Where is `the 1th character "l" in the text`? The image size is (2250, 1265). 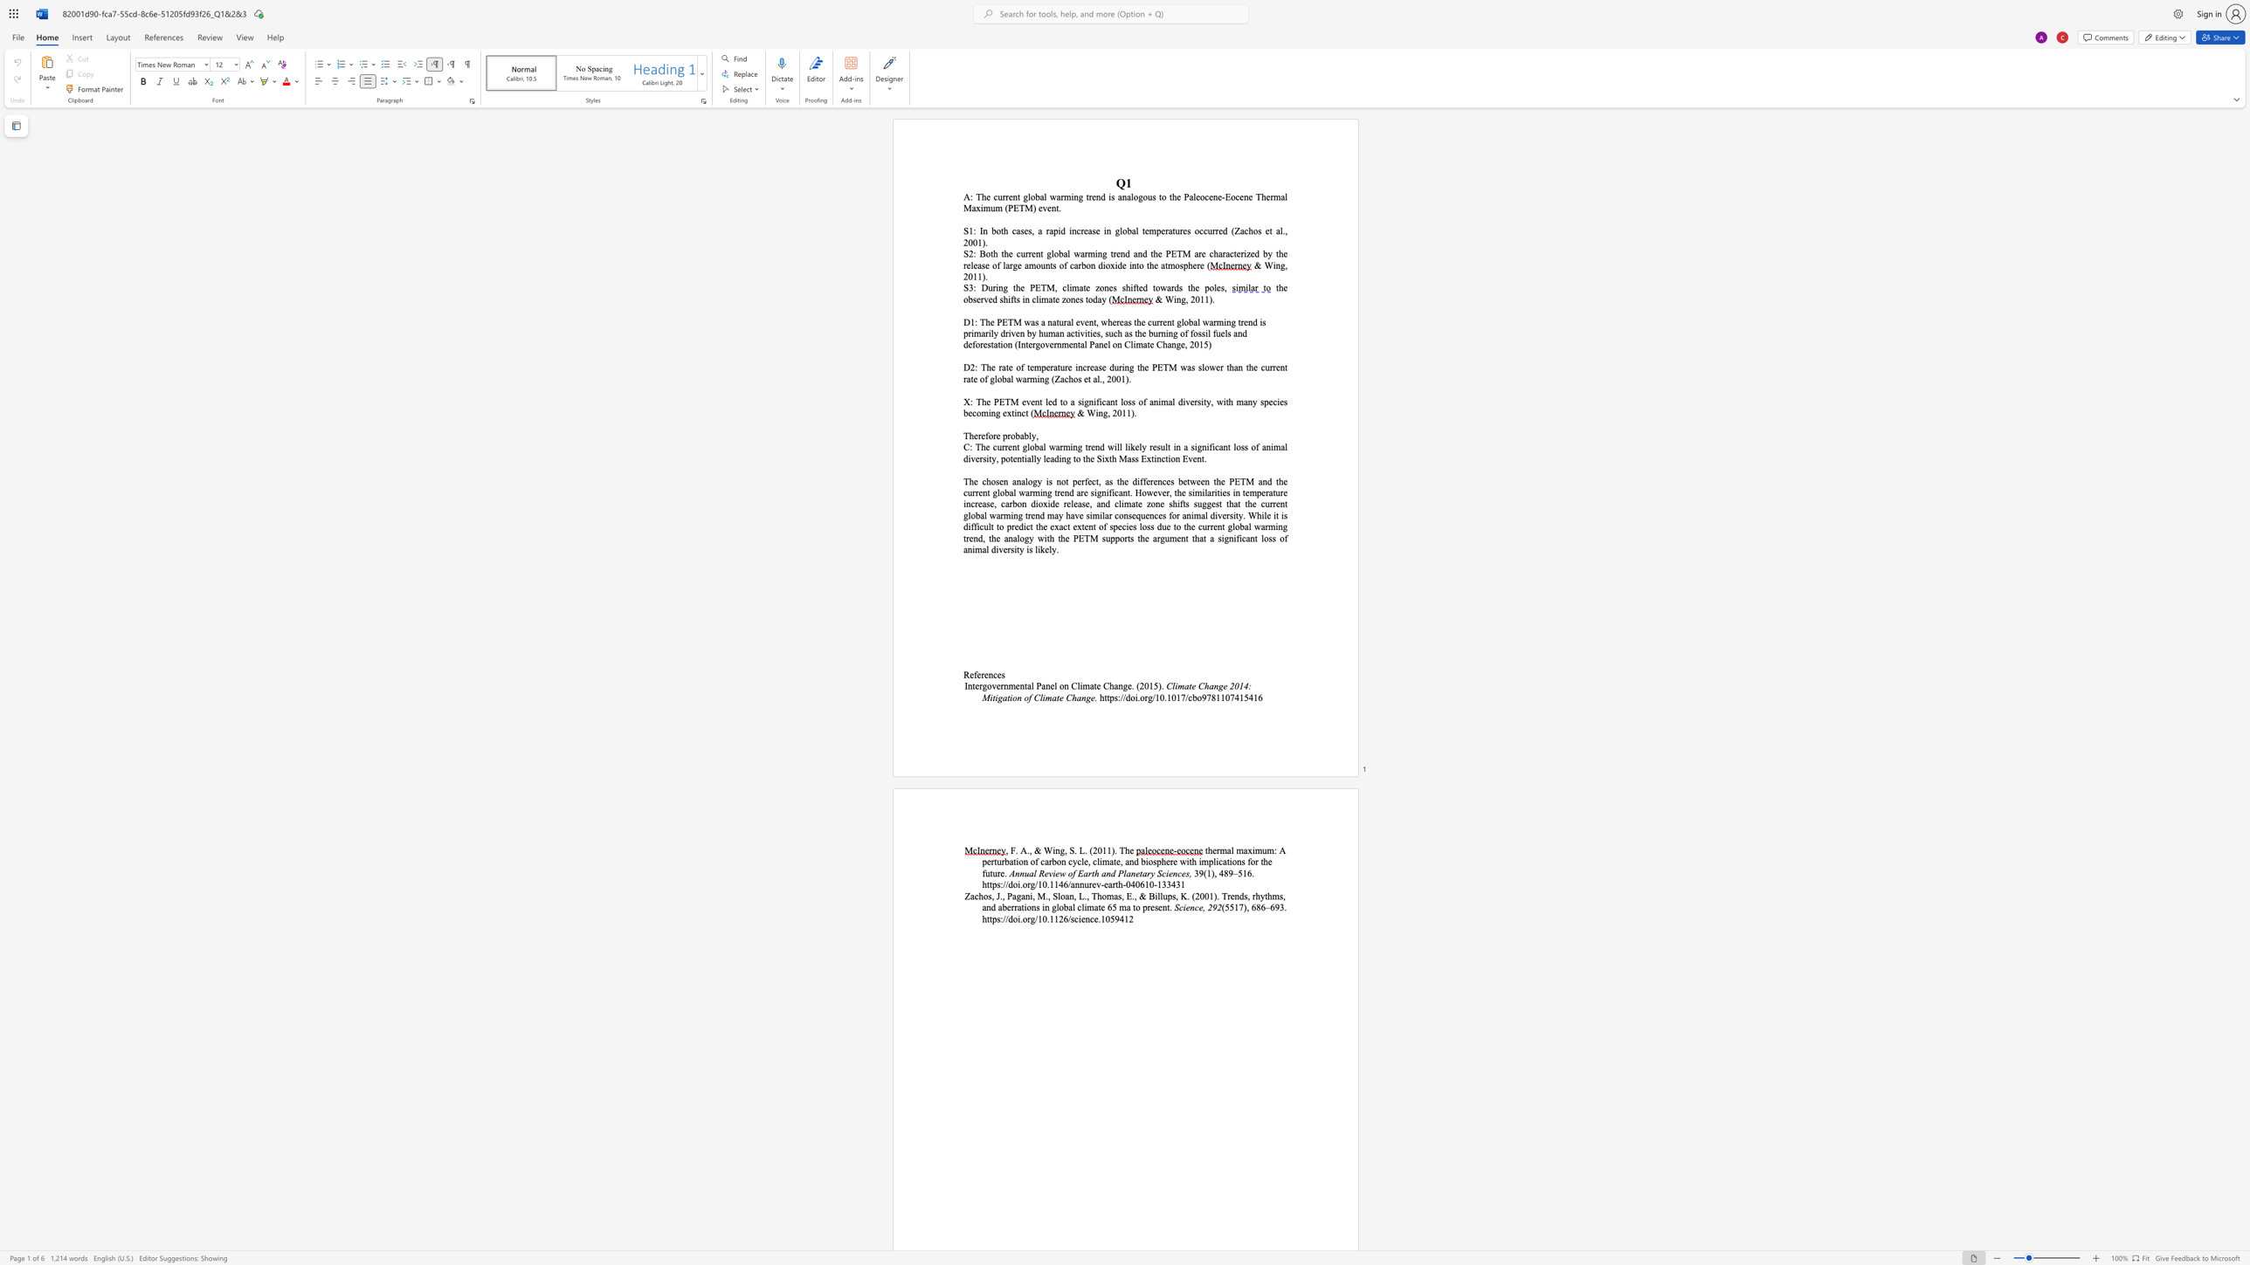 the 1th character "l" in the text is located at coordinates (1030, 435).